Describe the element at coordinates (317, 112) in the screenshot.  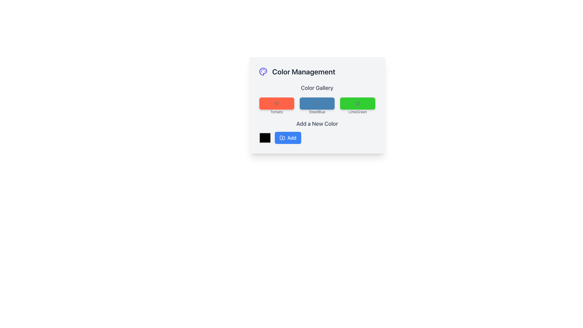
I see `the text label located directly below the 'SteelBlue' button in the color gallery section, which describes the color associated with the button` at that location.